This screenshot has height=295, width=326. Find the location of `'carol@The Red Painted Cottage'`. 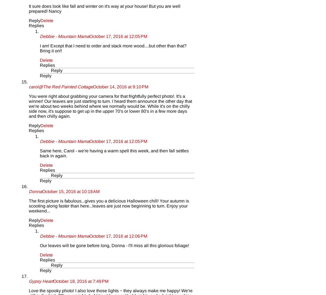

'carol@The Red Painted Cottage' is located at coordinates (61, 86).